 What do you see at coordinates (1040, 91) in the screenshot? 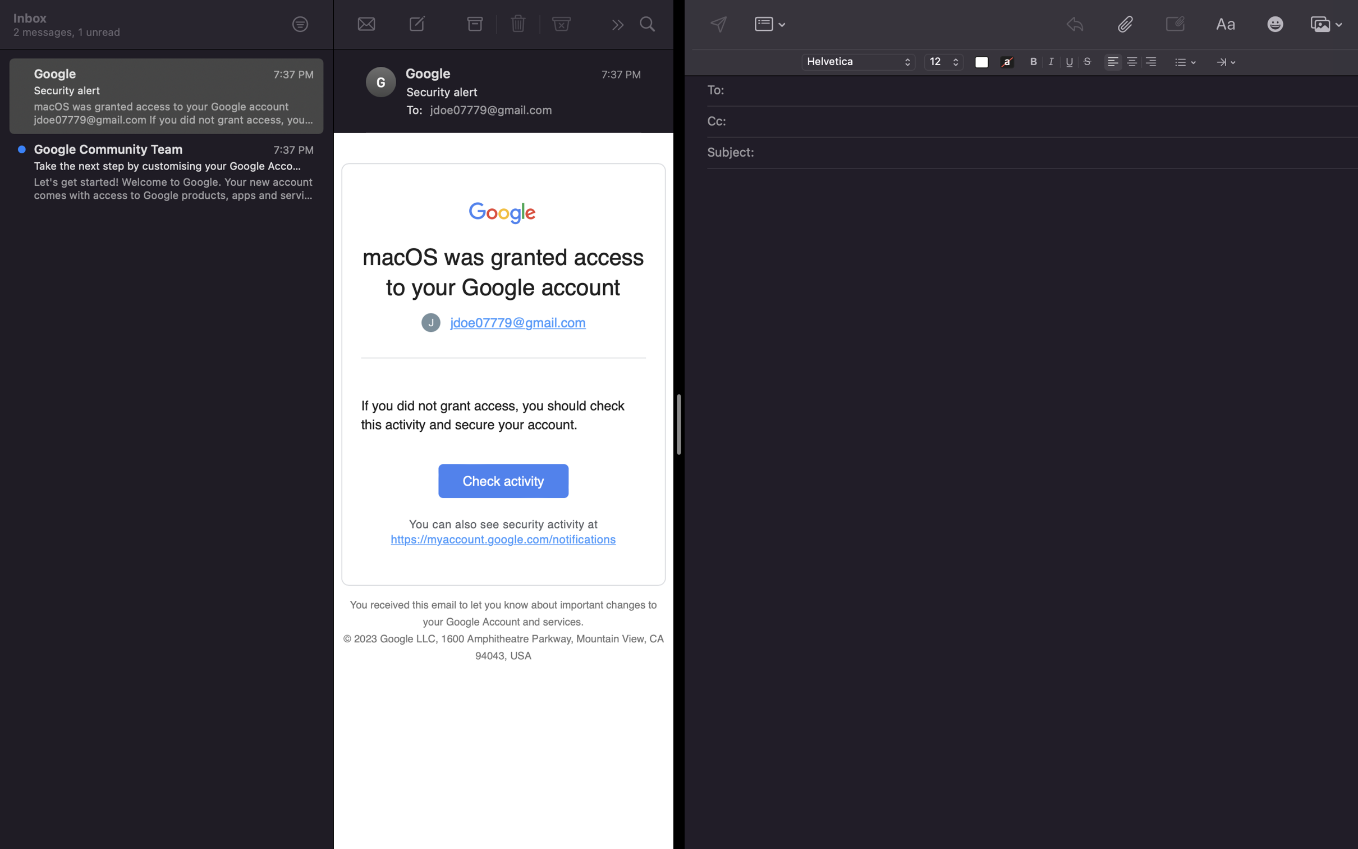
I see `Insert "kate@gmail.com" to the "To" field of the email` at bounding box center [1040, 91].